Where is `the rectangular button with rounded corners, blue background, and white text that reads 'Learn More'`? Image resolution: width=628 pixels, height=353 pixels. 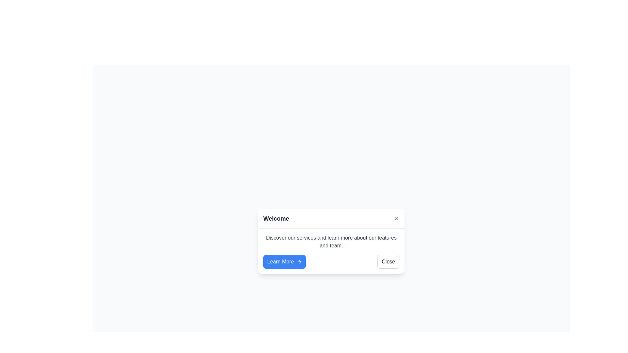 the rectangular button with rounded corners, blue background, and white text that reads 'Learn More' is located at coordinates (284, 261).